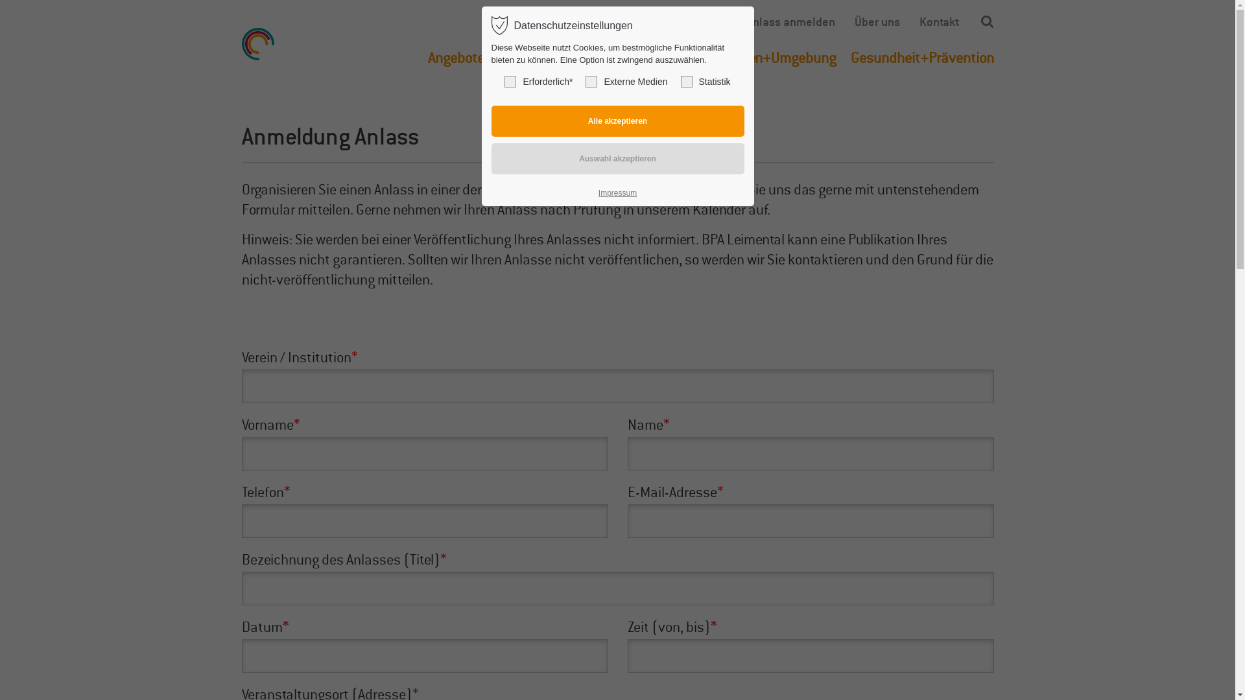 This screenshot has width=1245, height=700. What do you see at coordinates (628, 21) in the screenshot?
I see `'Termin vereinbaren'` at bounding box center [628, 21].